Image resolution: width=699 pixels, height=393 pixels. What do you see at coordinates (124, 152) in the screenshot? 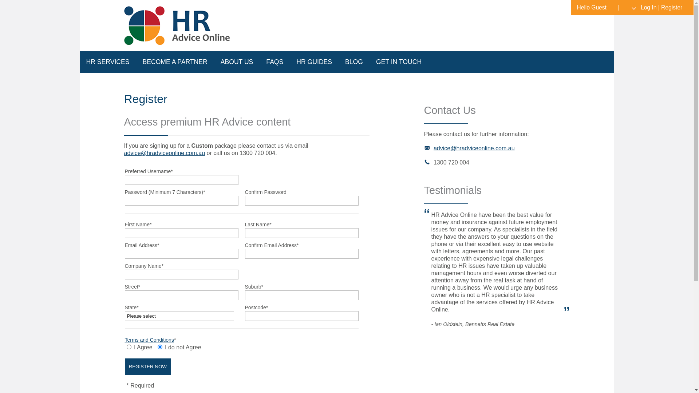
I see `'advice@hradviceonline.com.au'` at bounding box center [124, 152].